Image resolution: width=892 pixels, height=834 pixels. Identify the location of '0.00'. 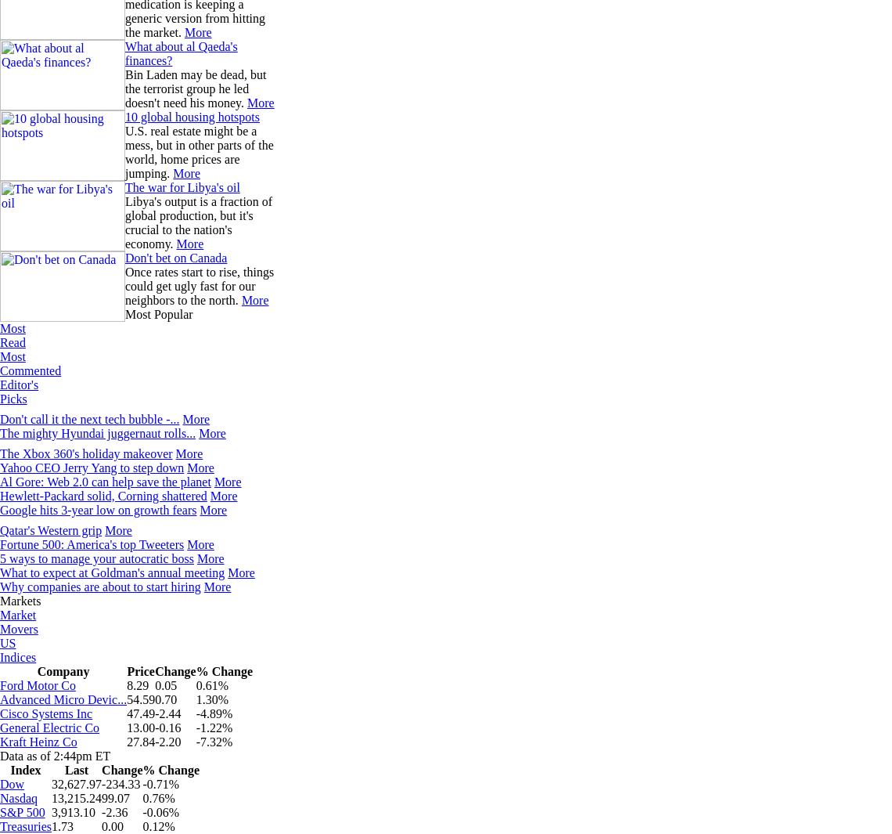
(112, 826).